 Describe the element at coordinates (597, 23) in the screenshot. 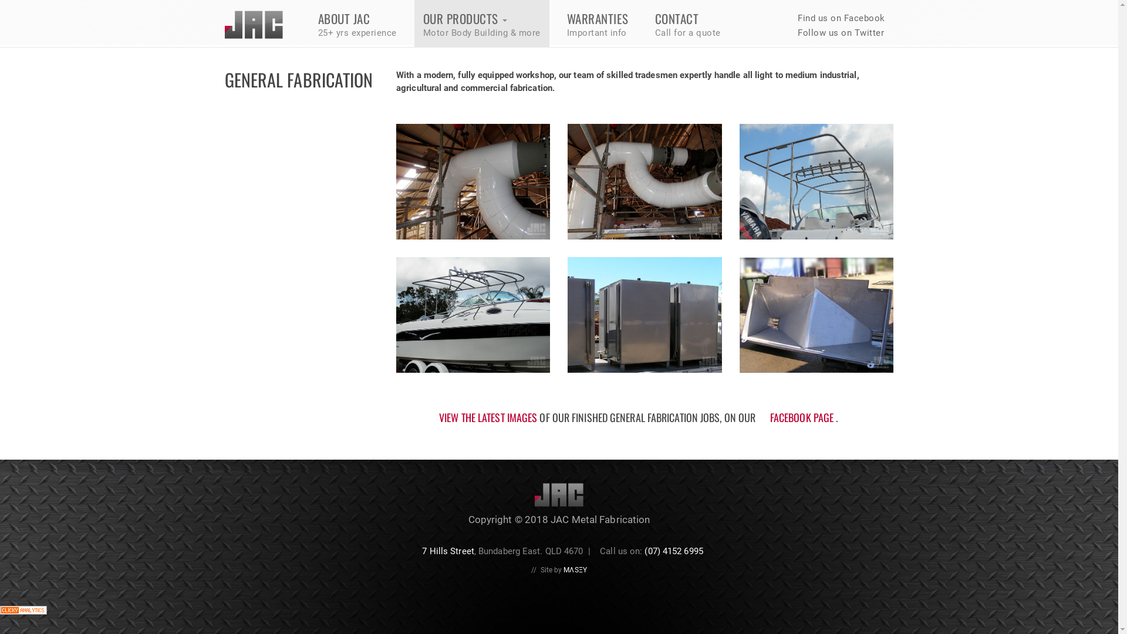

I see `'WARRANTIES` at that location.